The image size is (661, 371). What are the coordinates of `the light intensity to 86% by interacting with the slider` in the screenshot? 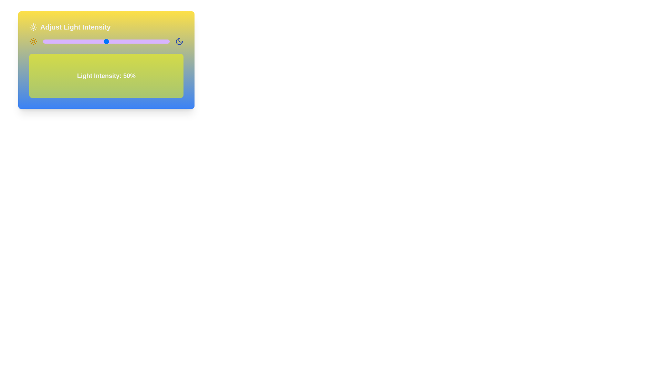 It's located at (151, 41).